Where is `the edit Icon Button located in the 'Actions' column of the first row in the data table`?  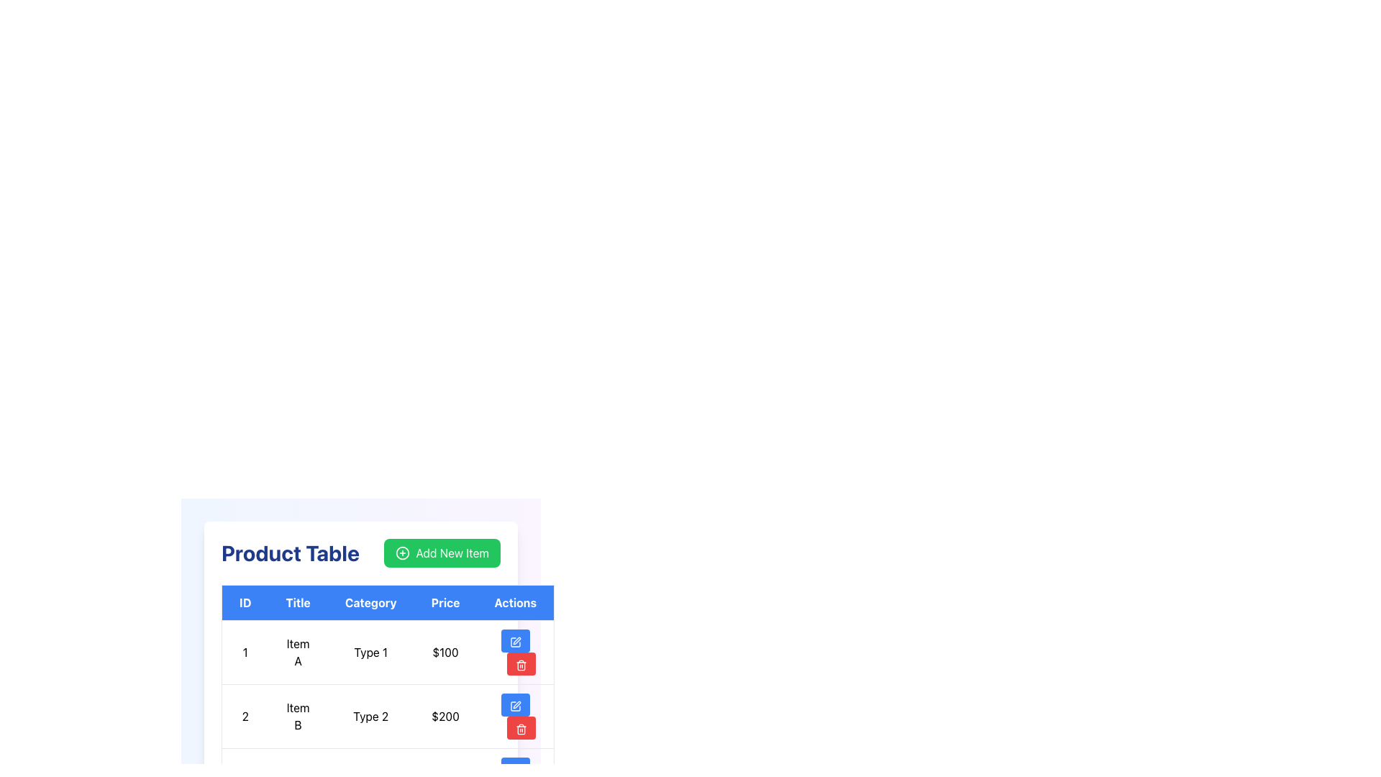 the edit Icon Button located in the 'Actions' column of the first row in the data table is located at coordinates (515, 641).